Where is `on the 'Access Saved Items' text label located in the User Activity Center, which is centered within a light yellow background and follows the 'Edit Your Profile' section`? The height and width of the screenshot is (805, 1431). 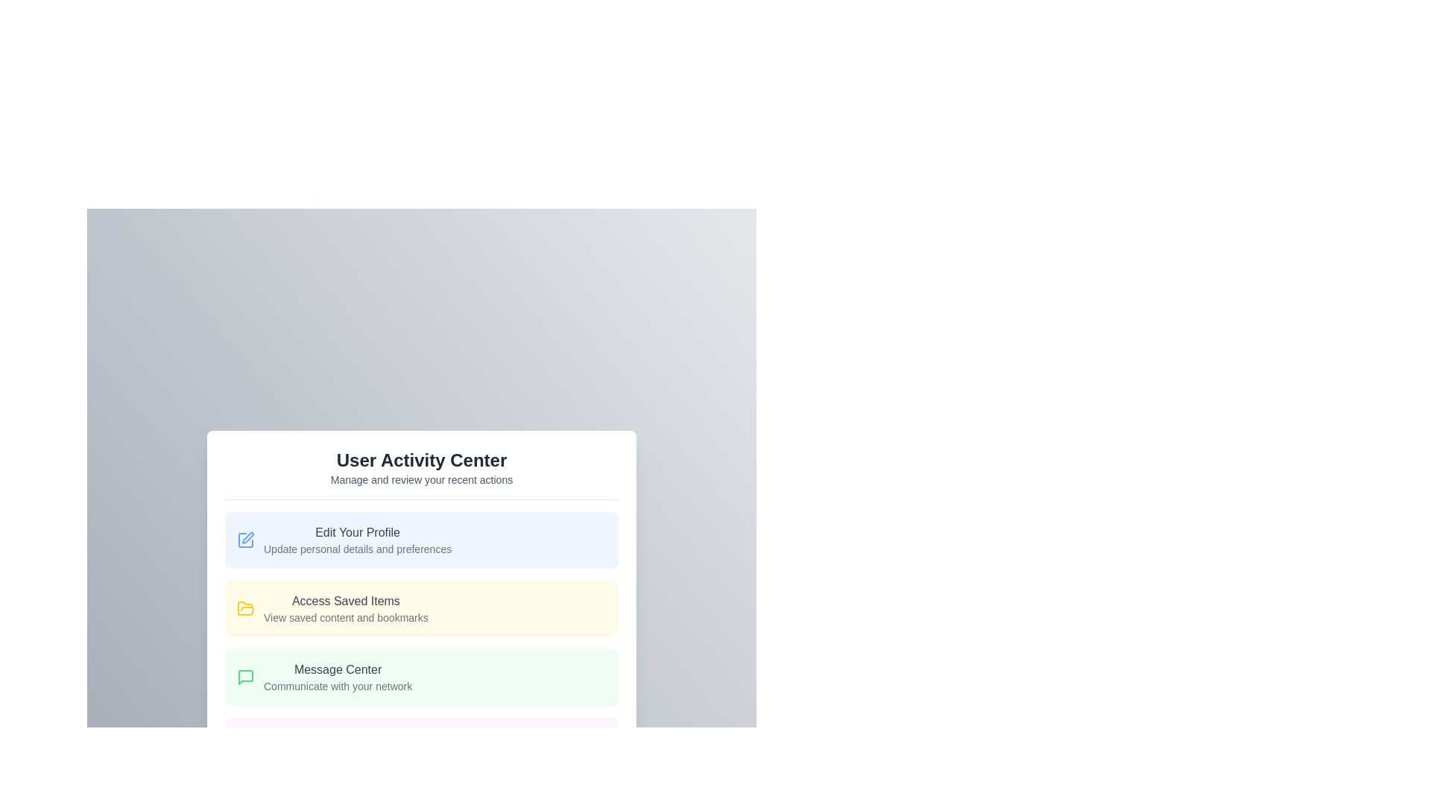
on the 'Access Saved Items' text label located in the User Activity Center, which is centered within a light yellow background and follows the 'Edit Your Profile' section is located at coordinates (345, 608).